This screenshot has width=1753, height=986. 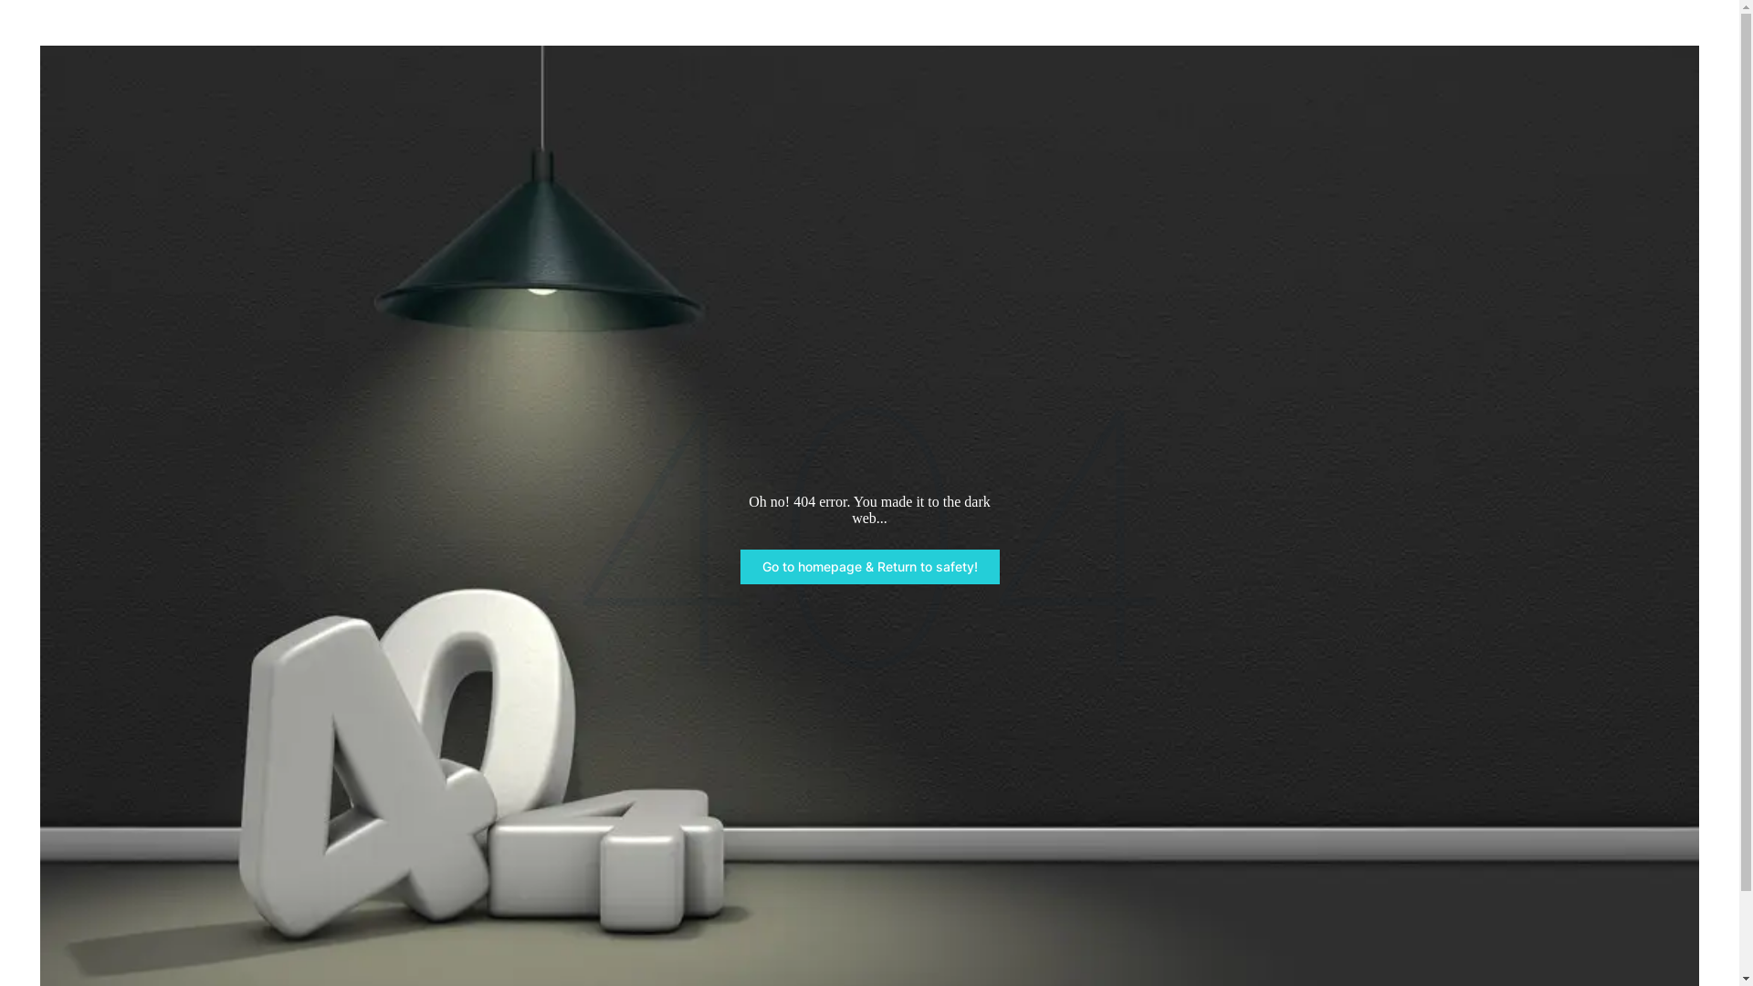 What do you see at coordinates (867, 566) in the screenshot?
I see `'Go to homepage & Return to safety!'` at bounding box center [867, 566].